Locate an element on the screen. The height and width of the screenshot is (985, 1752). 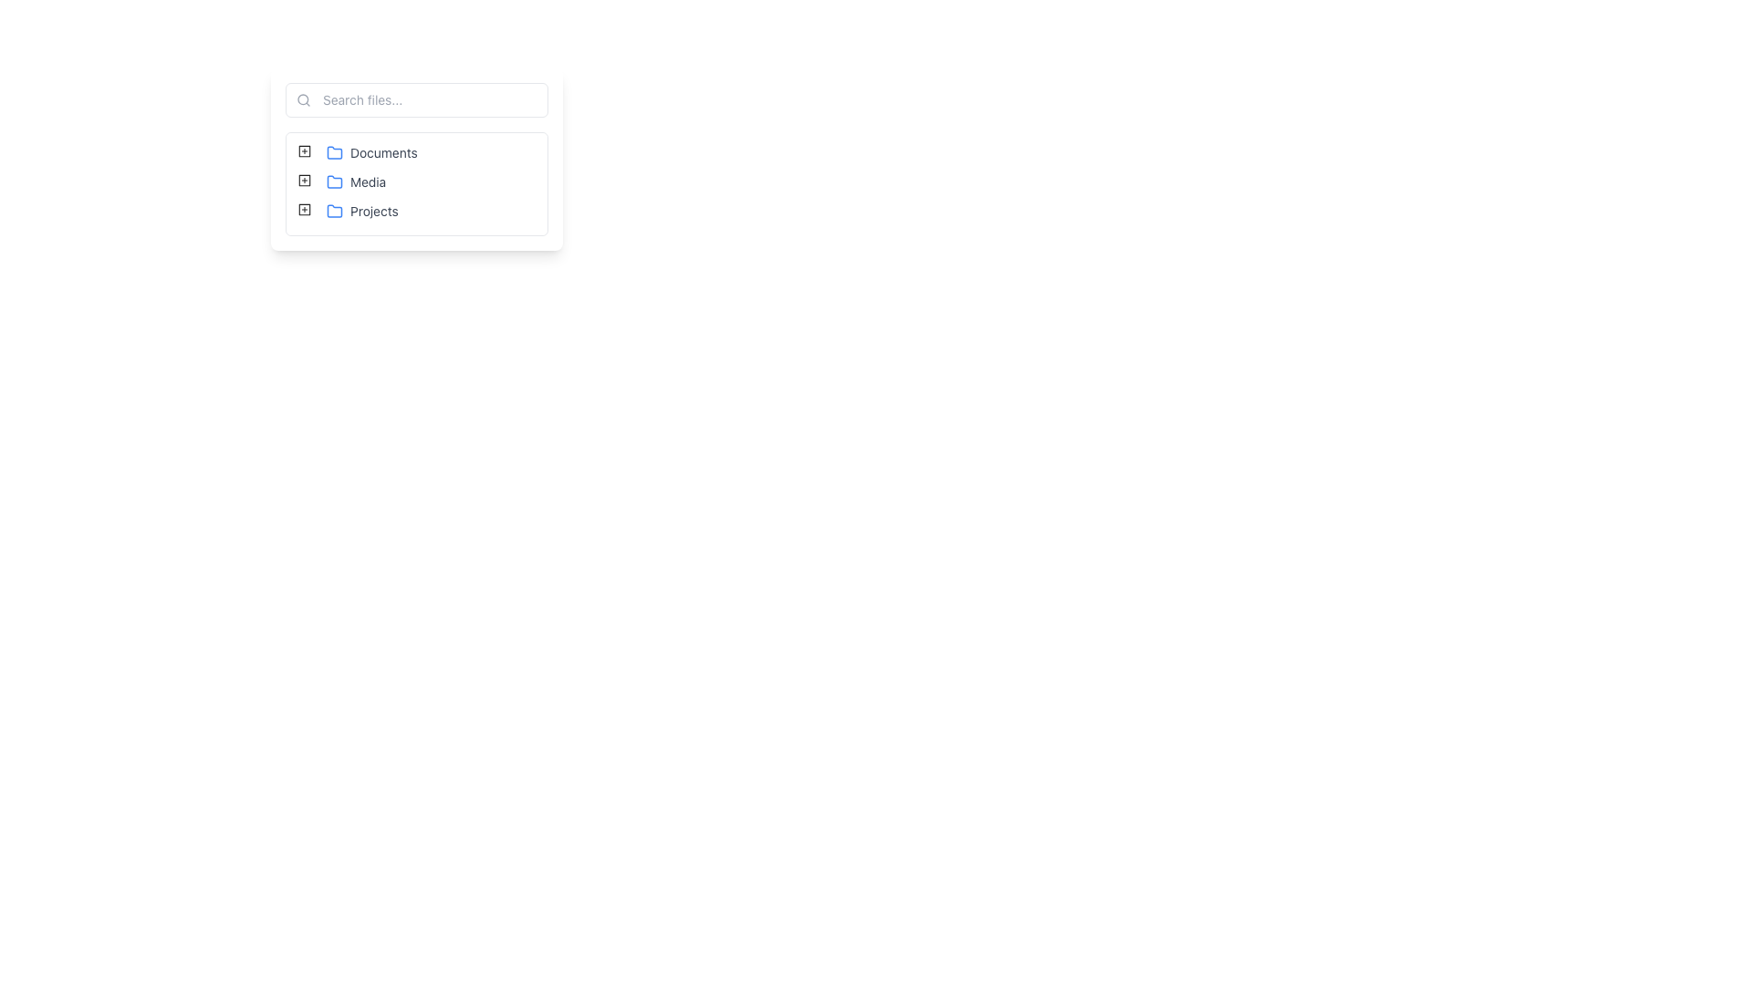
the '+' icon of the 'Media' tree item node is located at coordinates (343, 182).